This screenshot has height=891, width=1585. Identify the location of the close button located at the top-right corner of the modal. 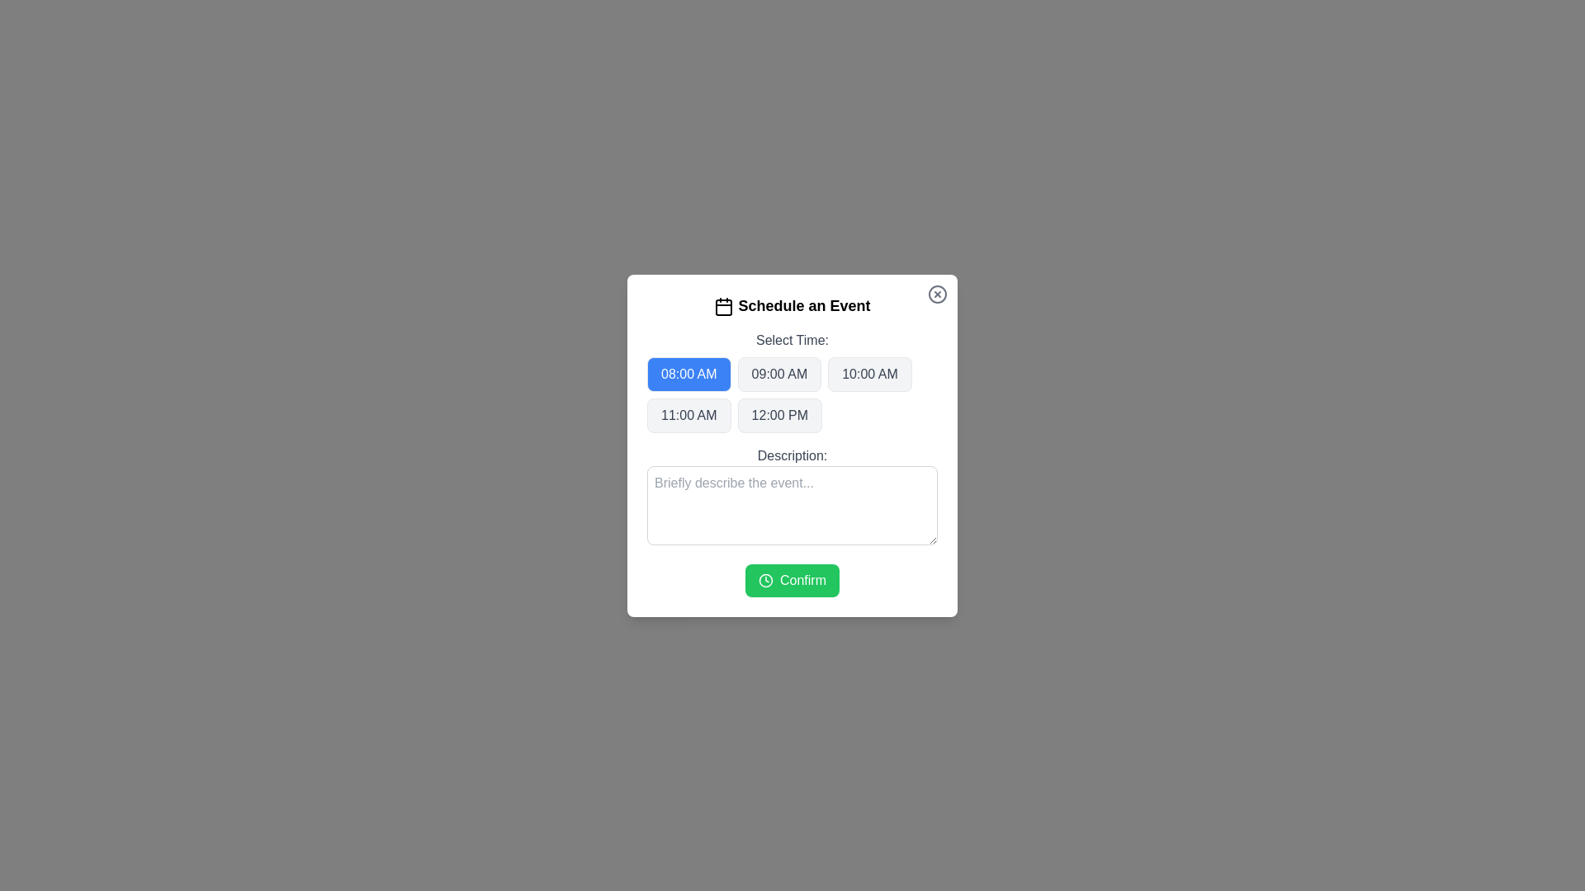
(938, 293).